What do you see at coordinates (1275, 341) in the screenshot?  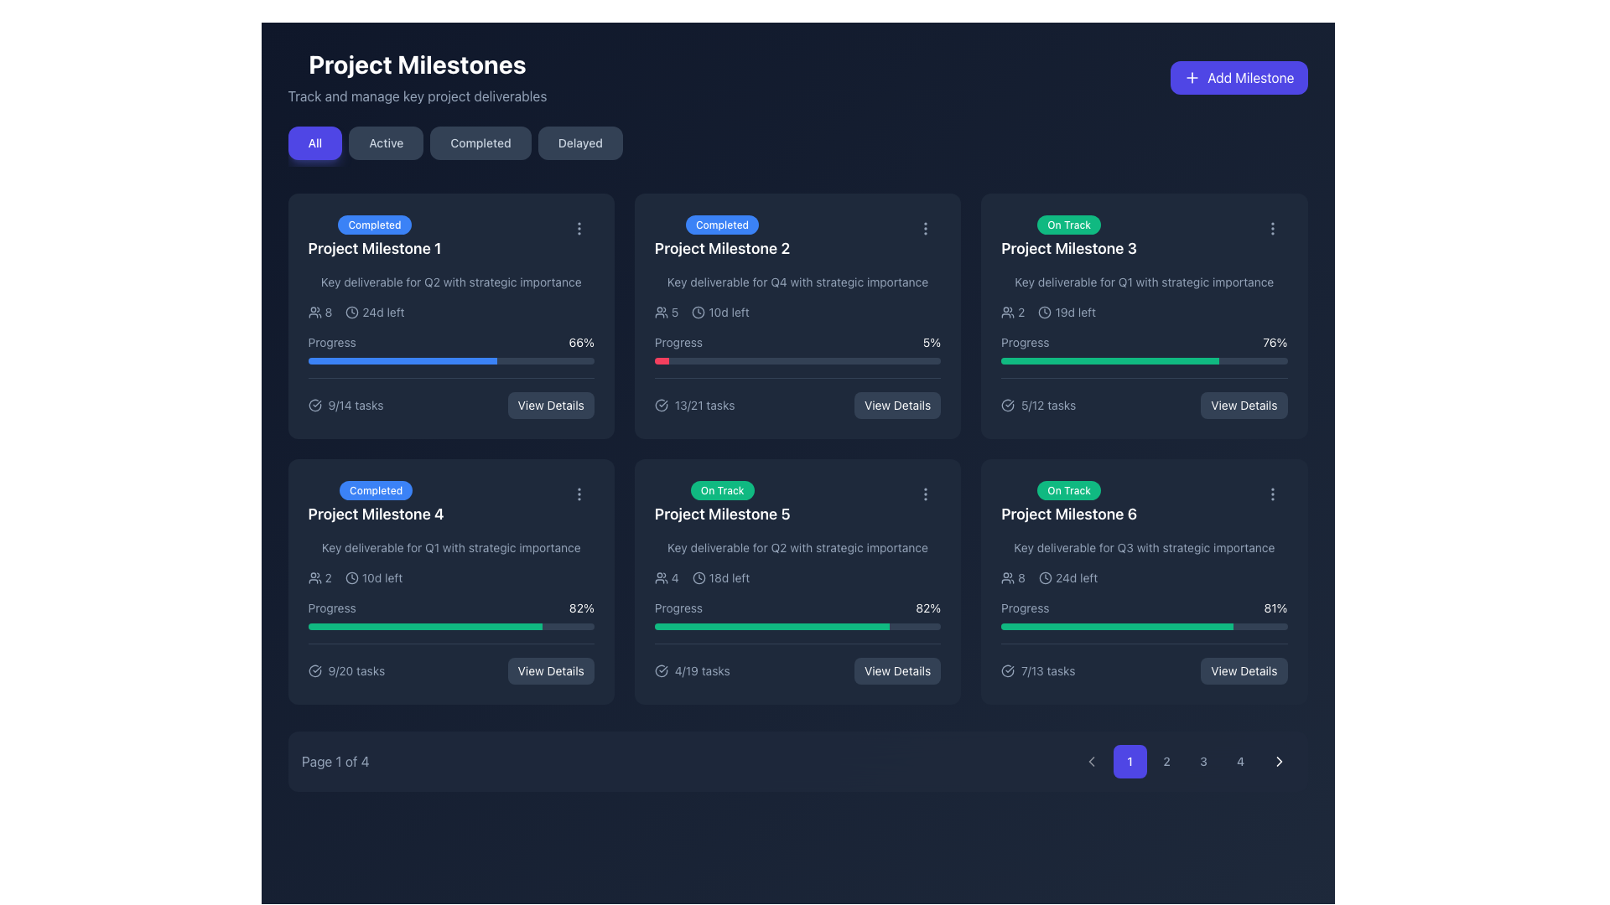 I see `the text label displaying '76%' in the 'Progress' section of the card for 'Project Milestone 3'` at bounding box center [1275, 341].